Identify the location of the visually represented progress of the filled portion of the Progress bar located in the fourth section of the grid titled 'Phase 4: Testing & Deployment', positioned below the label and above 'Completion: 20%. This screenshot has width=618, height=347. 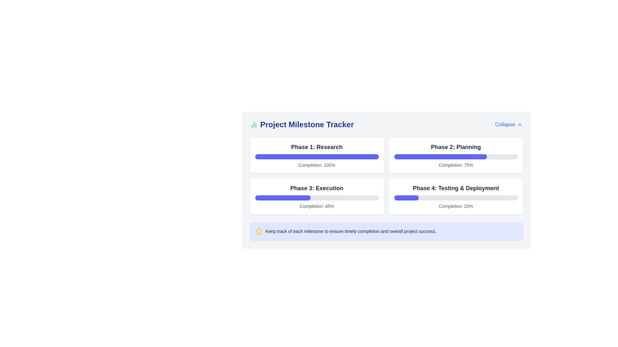
(406, 198).